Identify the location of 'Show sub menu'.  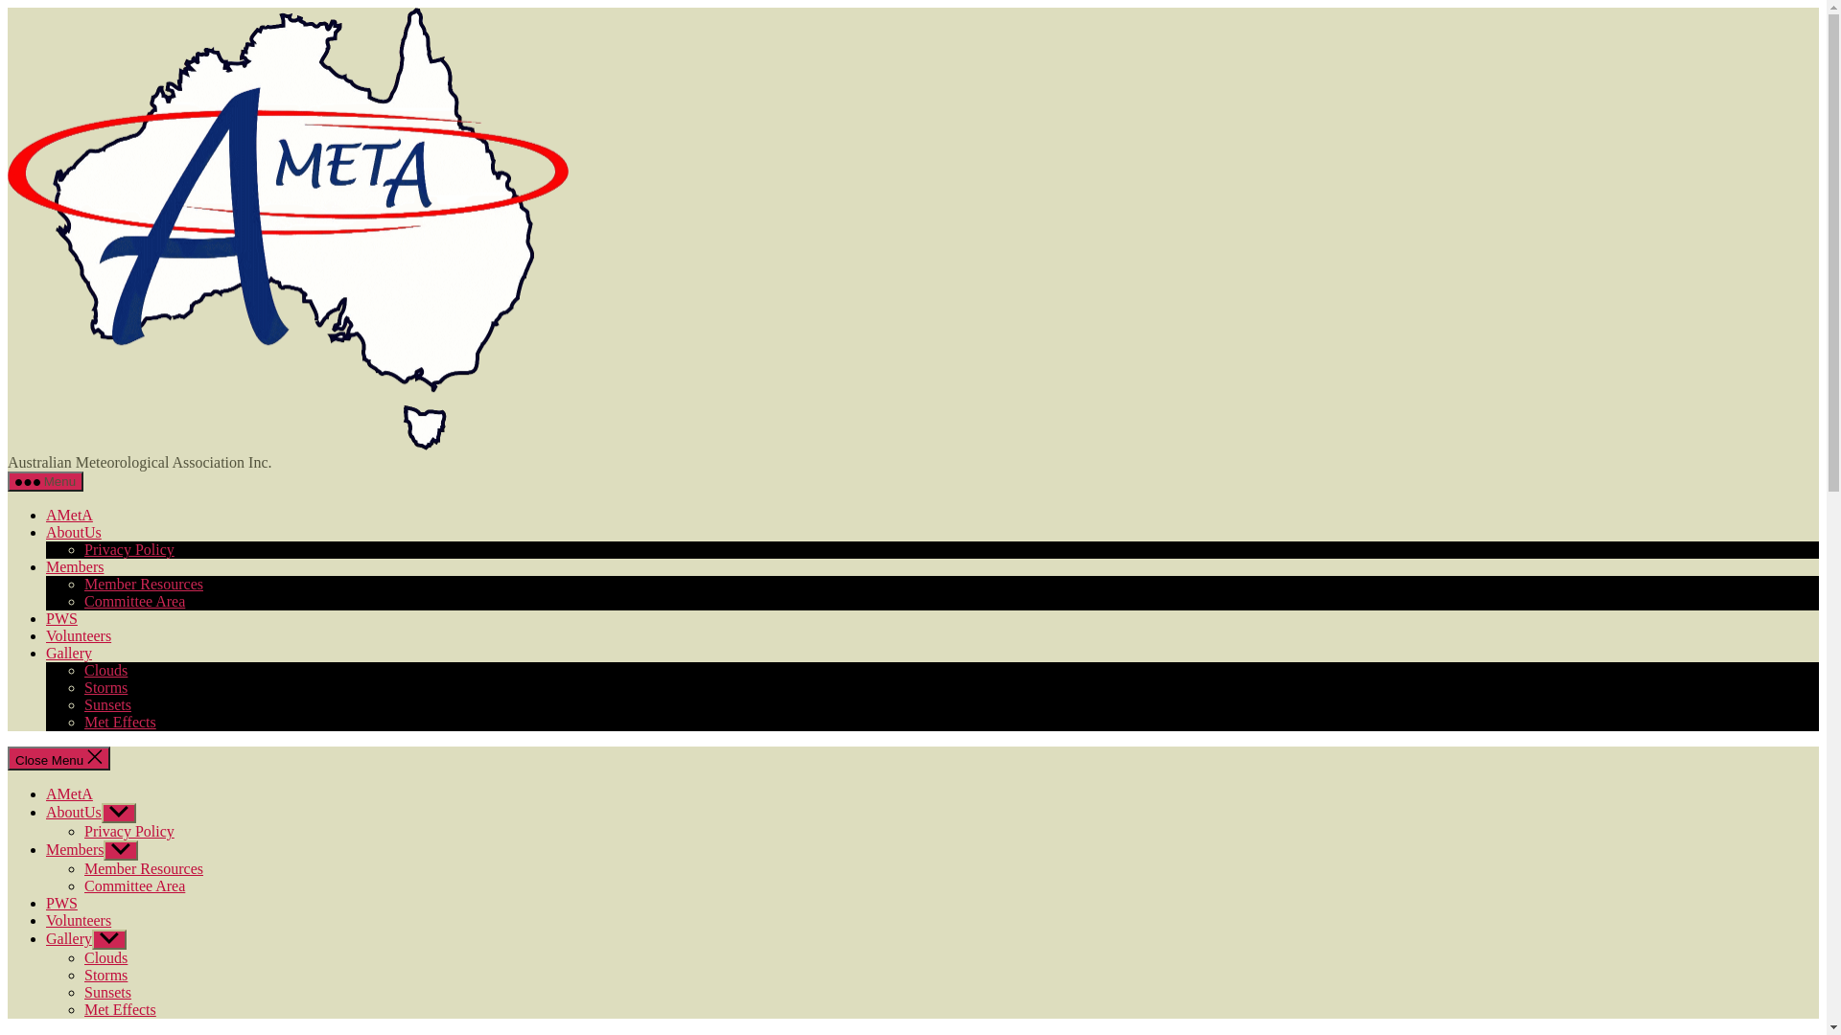
(119, 849).